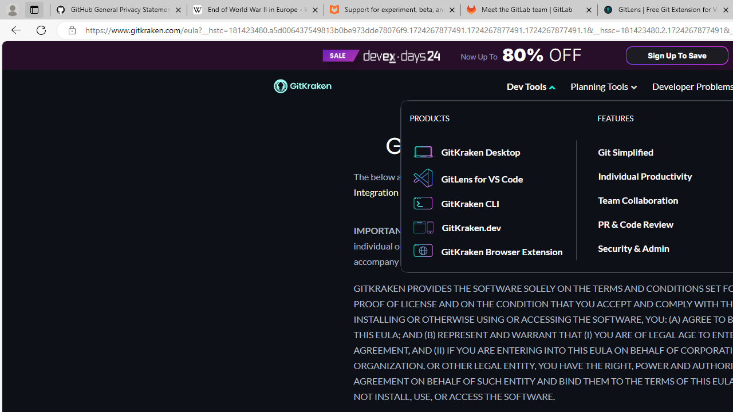  I want to click on 'End of World War II in Europe - Wikipedia', so click(254, 10).